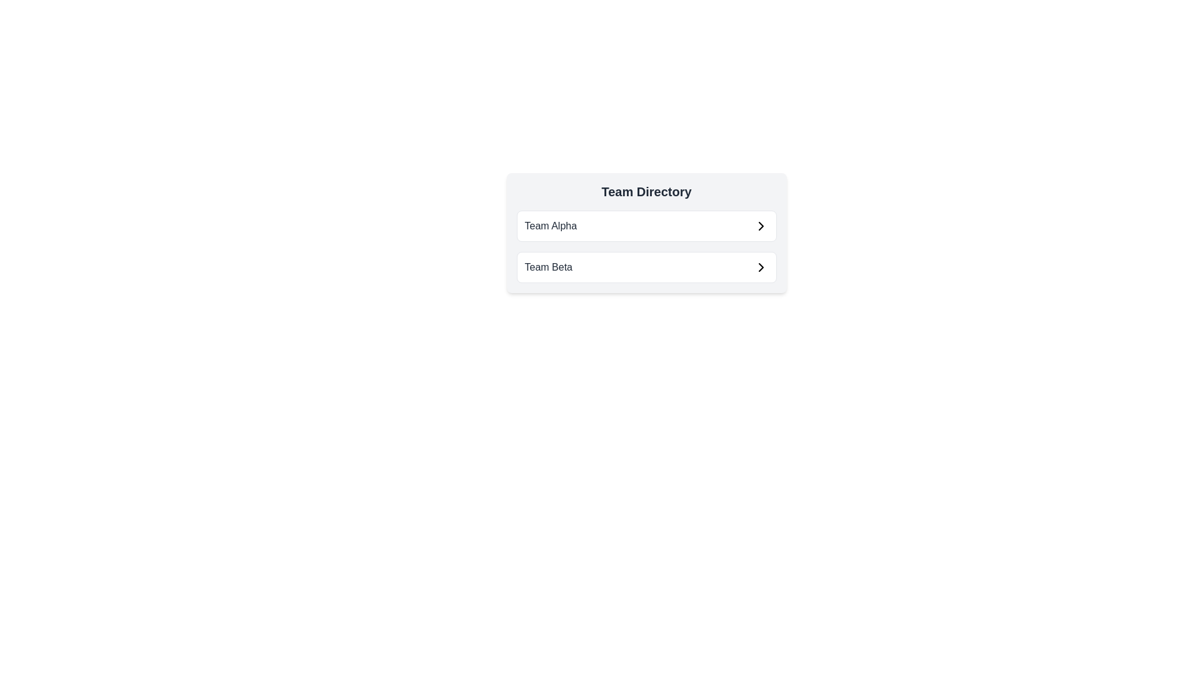  Describe the element at coordinates (646, 267) in the screenshot. I see `the 'Team Beta' button in the 'Team Directory' section` at that location.